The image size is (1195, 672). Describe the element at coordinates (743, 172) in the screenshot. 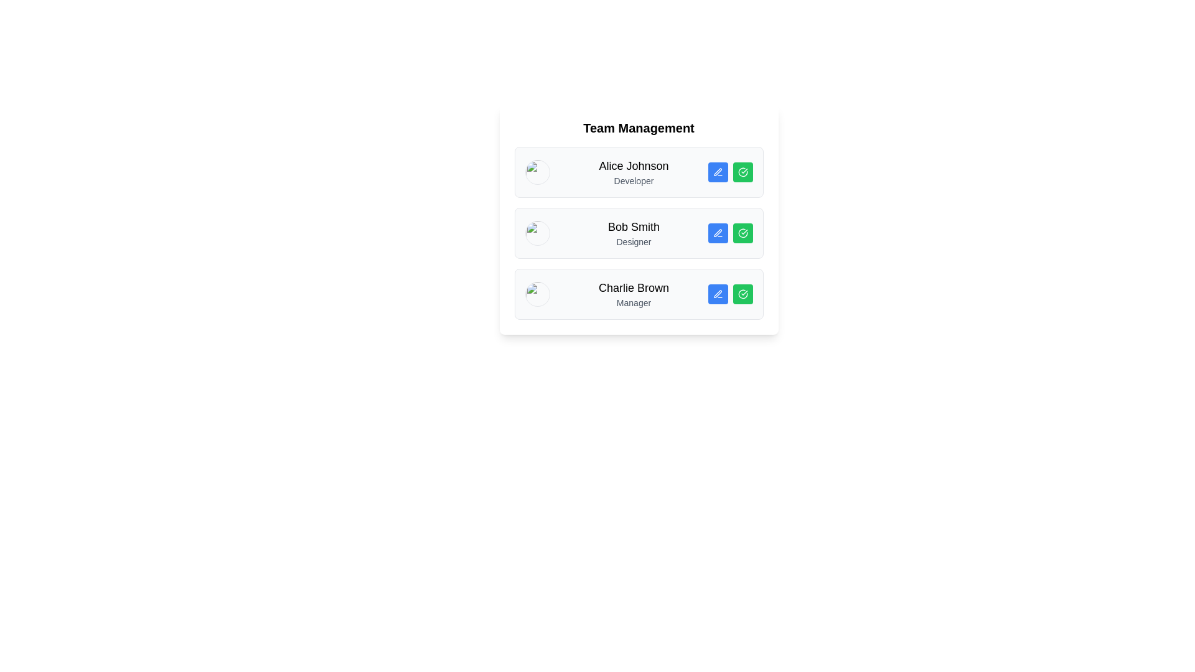

I see `the green check mark icon button located at the right end of the row for 'Alice Johnson' under the 'Team Management' header` at that location.